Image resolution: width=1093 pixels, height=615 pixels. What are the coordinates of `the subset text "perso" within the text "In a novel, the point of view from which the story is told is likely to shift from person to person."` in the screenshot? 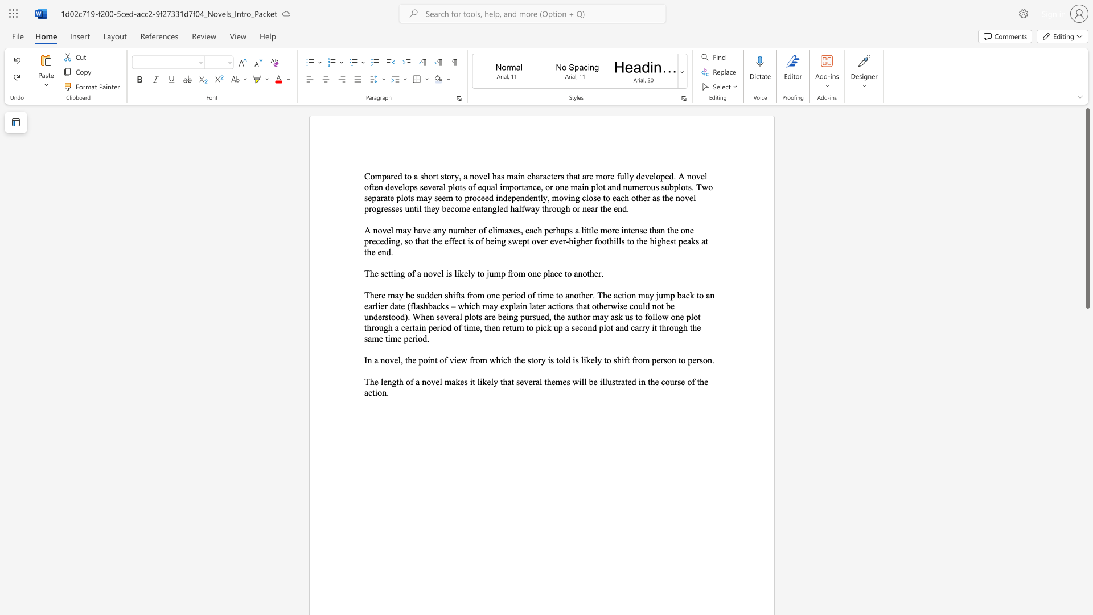 It's located at (652, 360).